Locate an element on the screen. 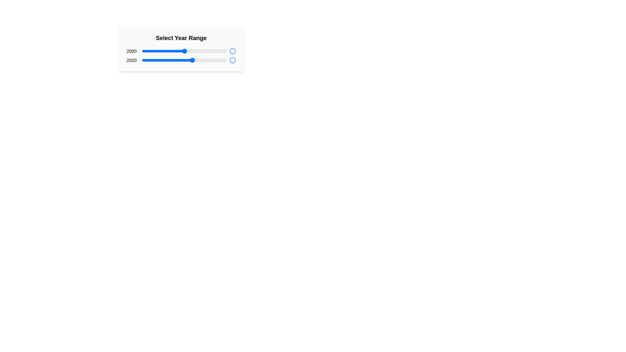 This screenshot has height=352, width=626. the year slider is located at coordinates (220, 60).